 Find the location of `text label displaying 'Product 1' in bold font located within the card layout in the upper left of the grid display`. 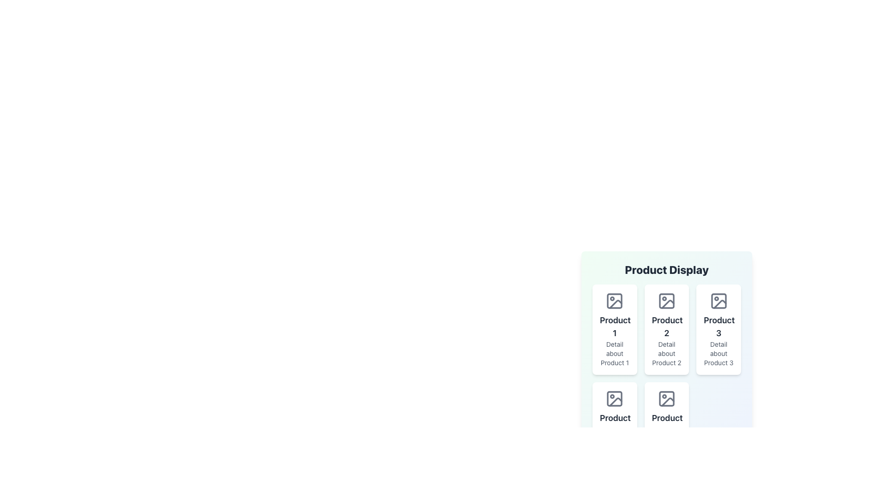

text label displaying 'Product 1' in bold font located within the card layout in the upper left of the grid display is located at coordinates (615, 326).